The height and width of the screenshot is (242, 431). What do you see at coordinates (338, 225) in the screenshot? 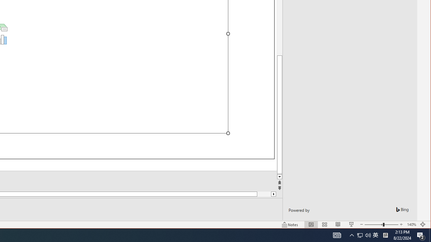
I see `'Reading View'` at bounding box center [338, 225].